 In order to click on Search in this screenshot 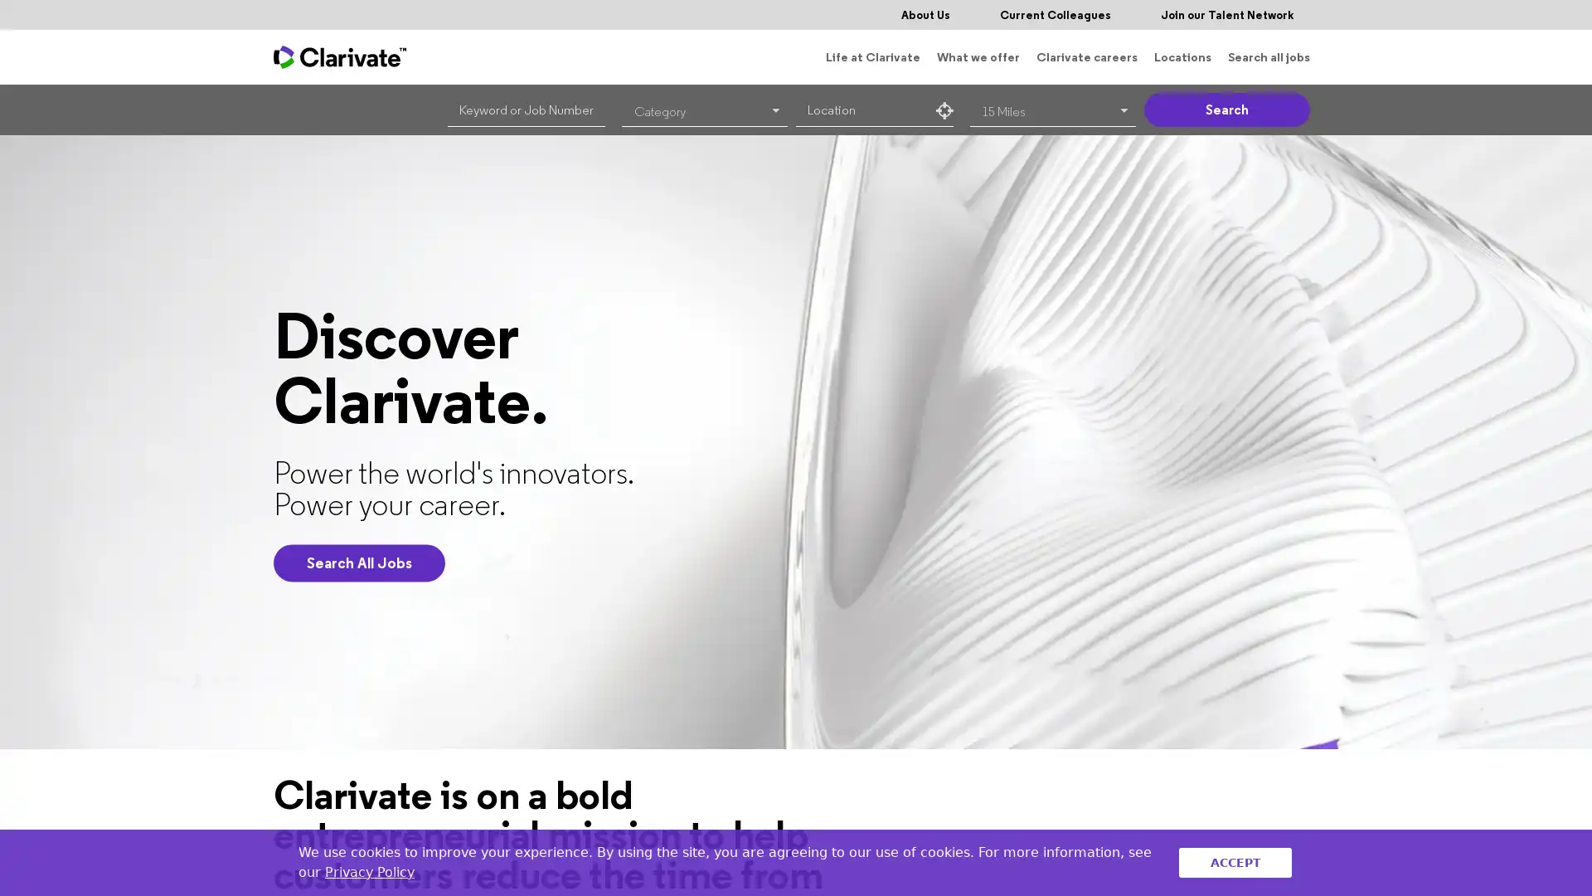, I will do `click(1226, 110)`.